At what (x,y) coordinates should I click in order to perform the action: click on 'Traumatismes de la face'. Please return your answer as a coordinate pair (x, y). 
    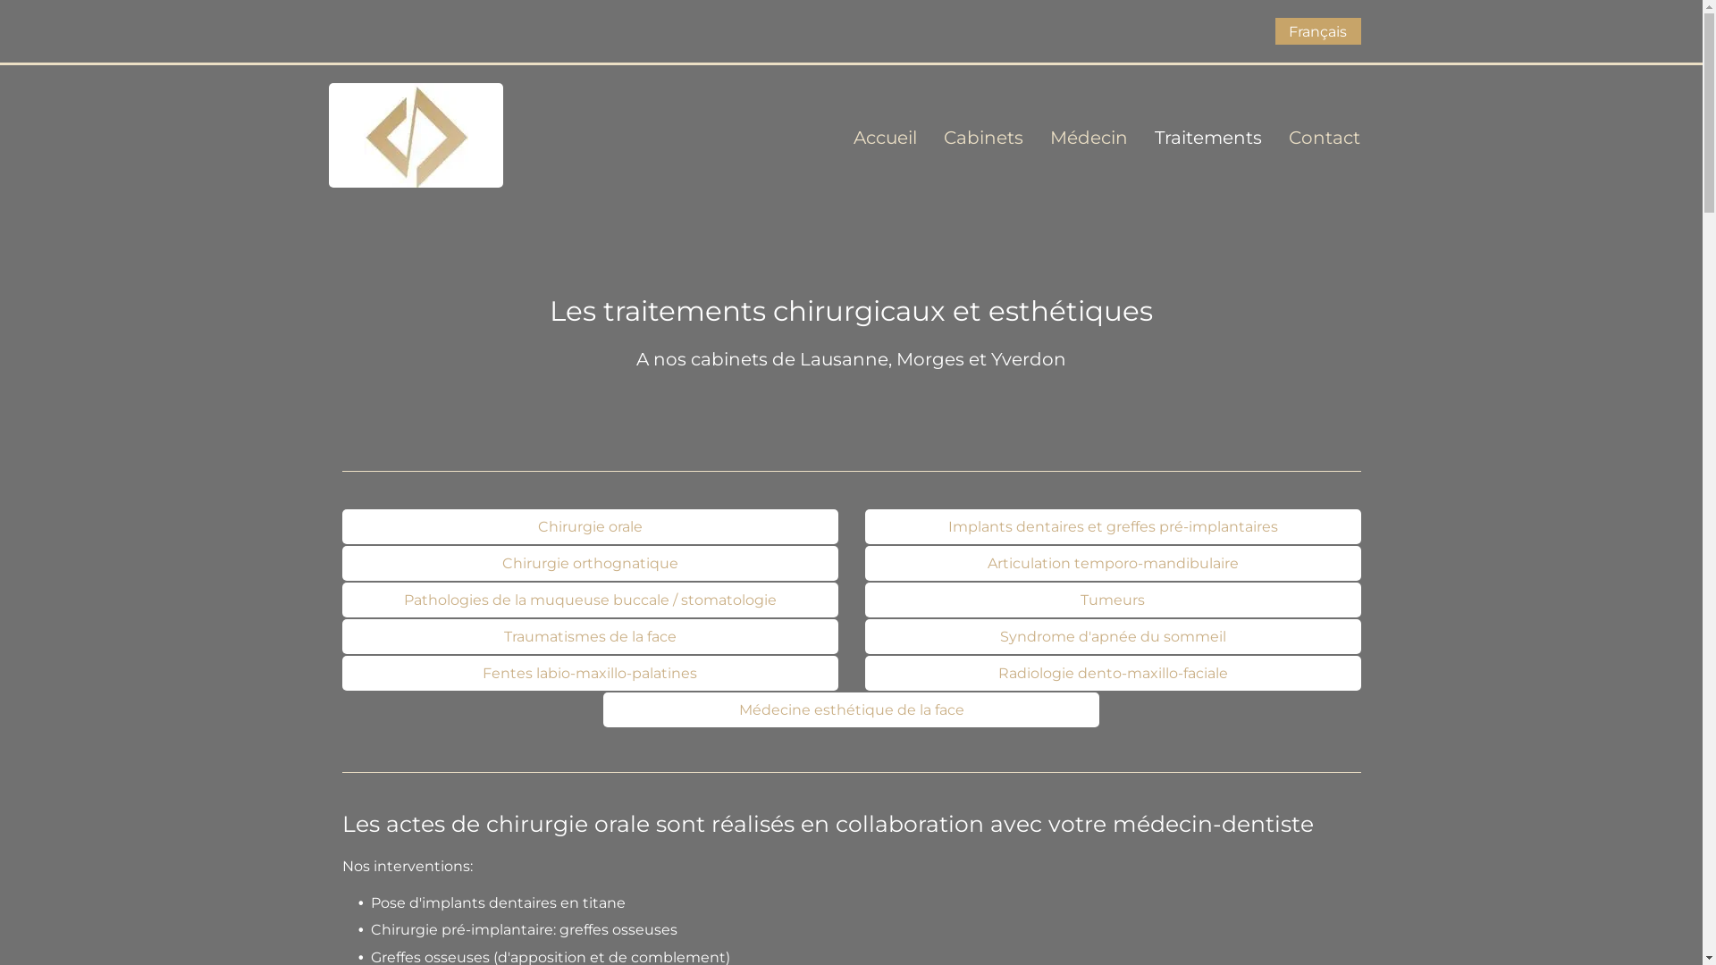
    Looking at the image, I should click on (589, 635).